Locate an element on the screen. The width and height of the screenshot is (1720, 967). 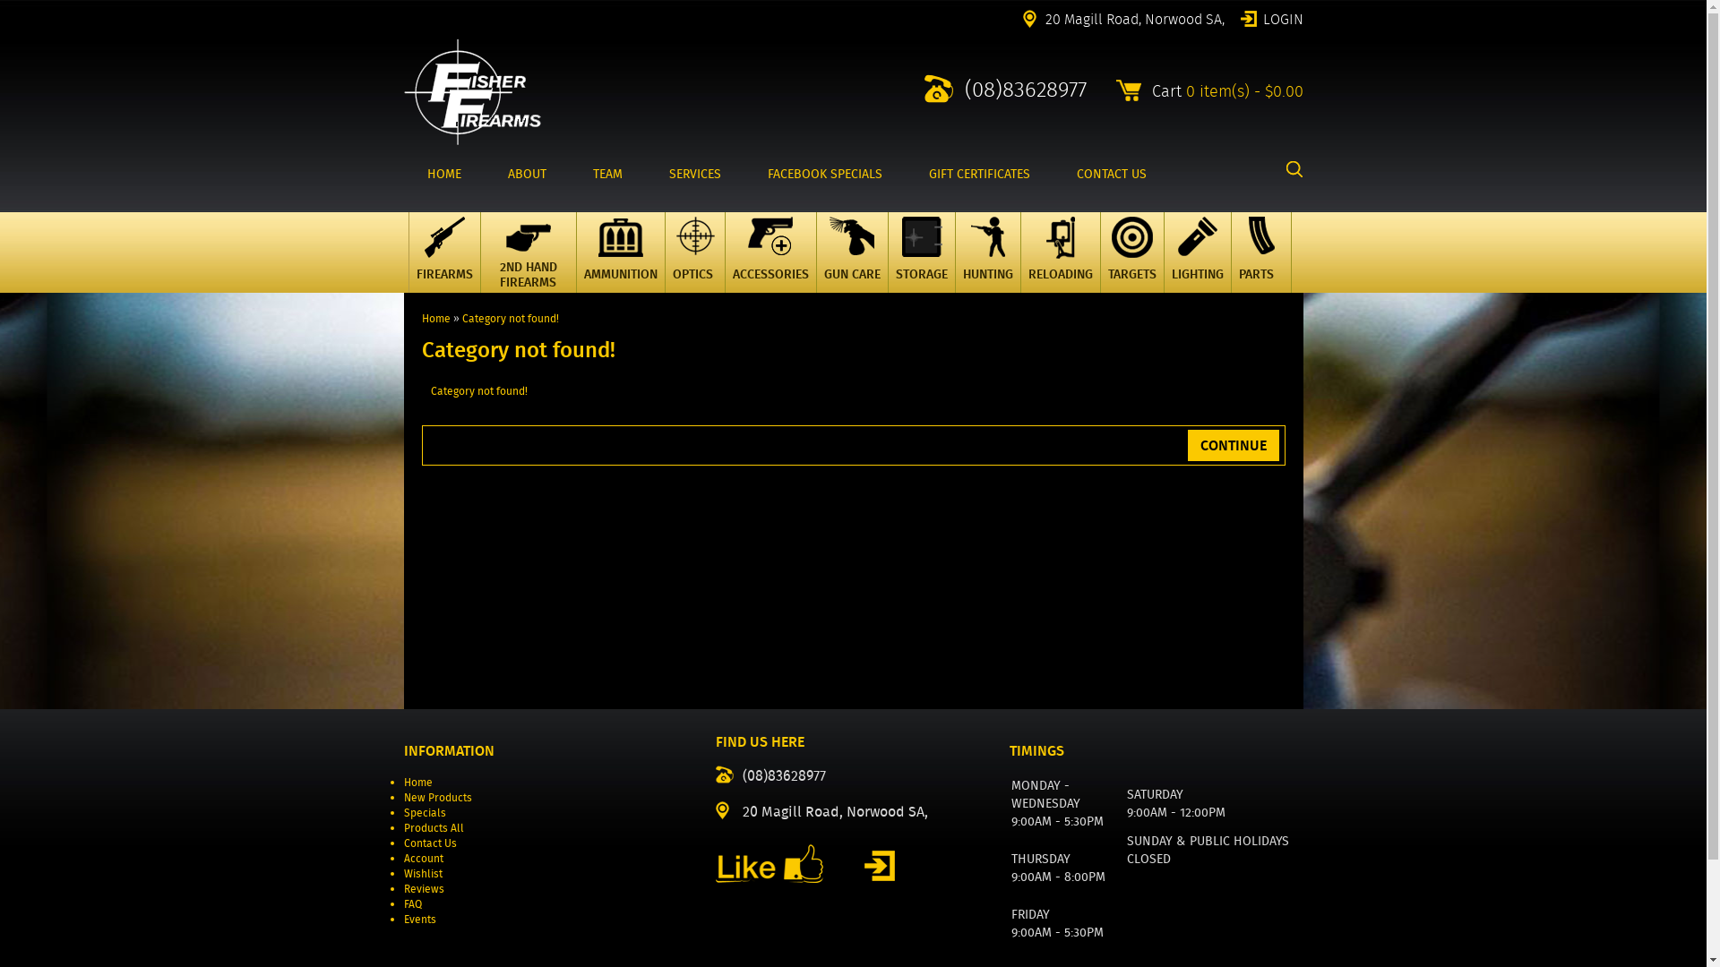
'Events' is located at coordinates (417, 919).